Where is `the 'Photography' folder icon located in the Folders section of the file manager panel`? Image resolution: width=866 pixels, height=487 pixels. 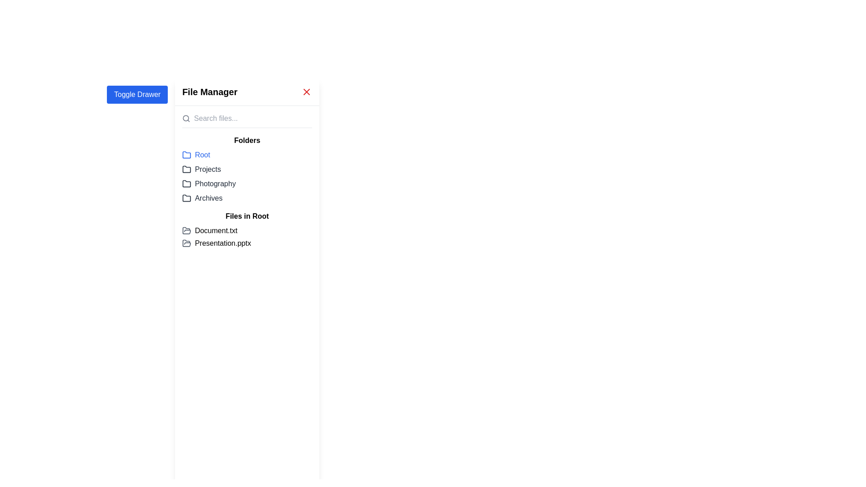
the 'Photography' folder icon located in the Folders section of the file manager panel is located at coordinates (186, 184).